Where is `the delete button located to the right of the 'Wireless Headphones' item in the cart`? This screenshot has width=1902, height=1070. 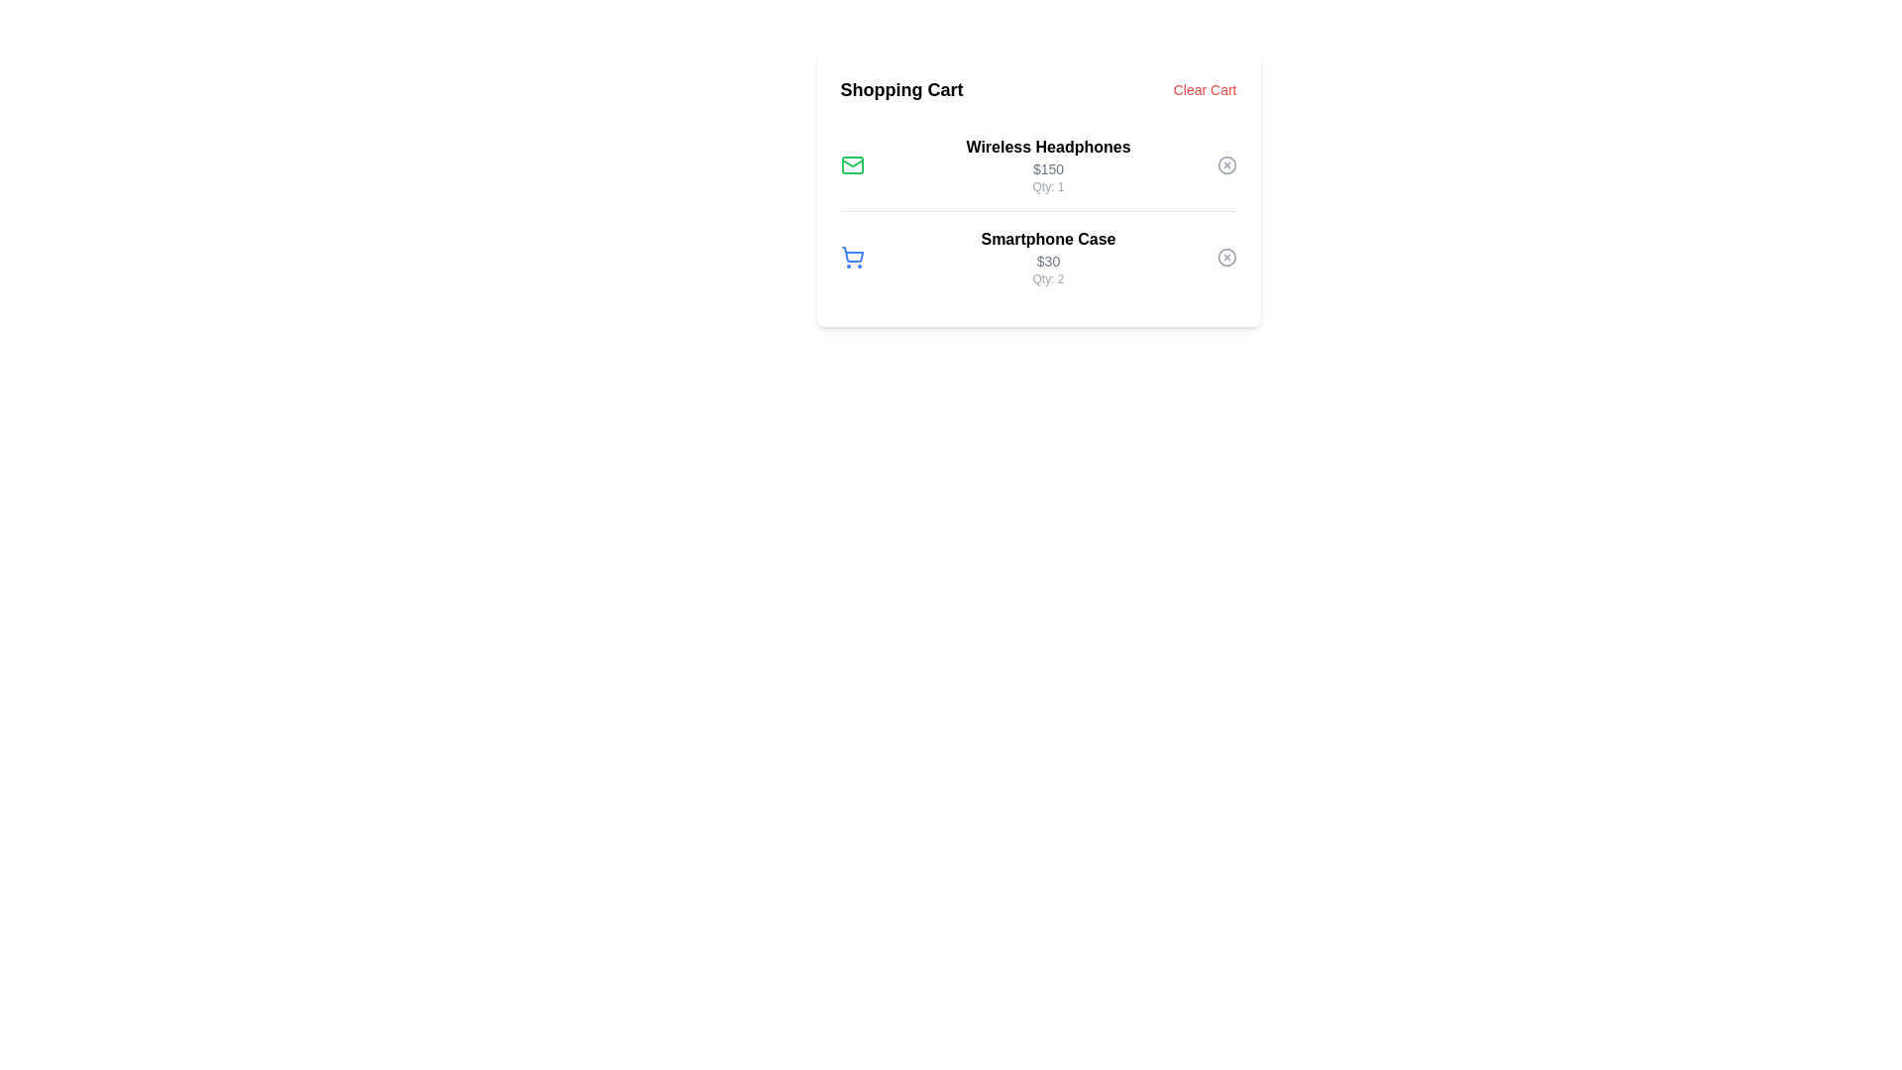
the delete button located to the right of the 'Wireless Headphones' item in the cart is located at coordinates (1225, 163).